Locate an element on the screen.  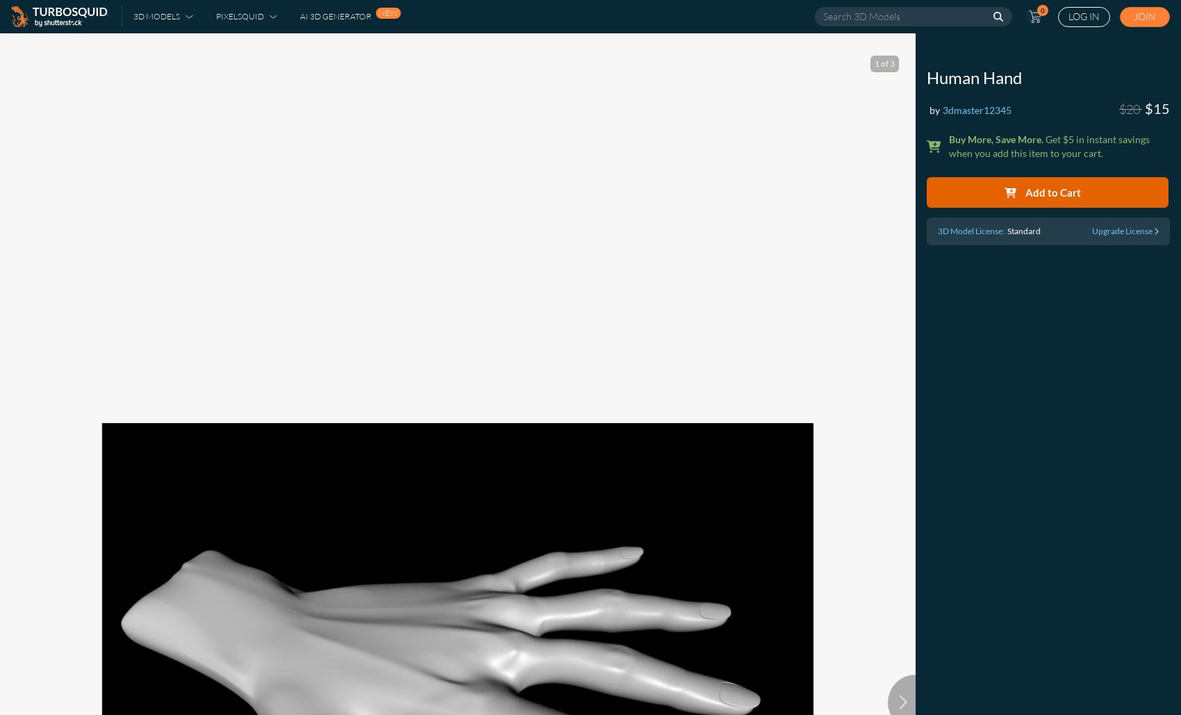
'Get' is located at coordinates (1053, 139).